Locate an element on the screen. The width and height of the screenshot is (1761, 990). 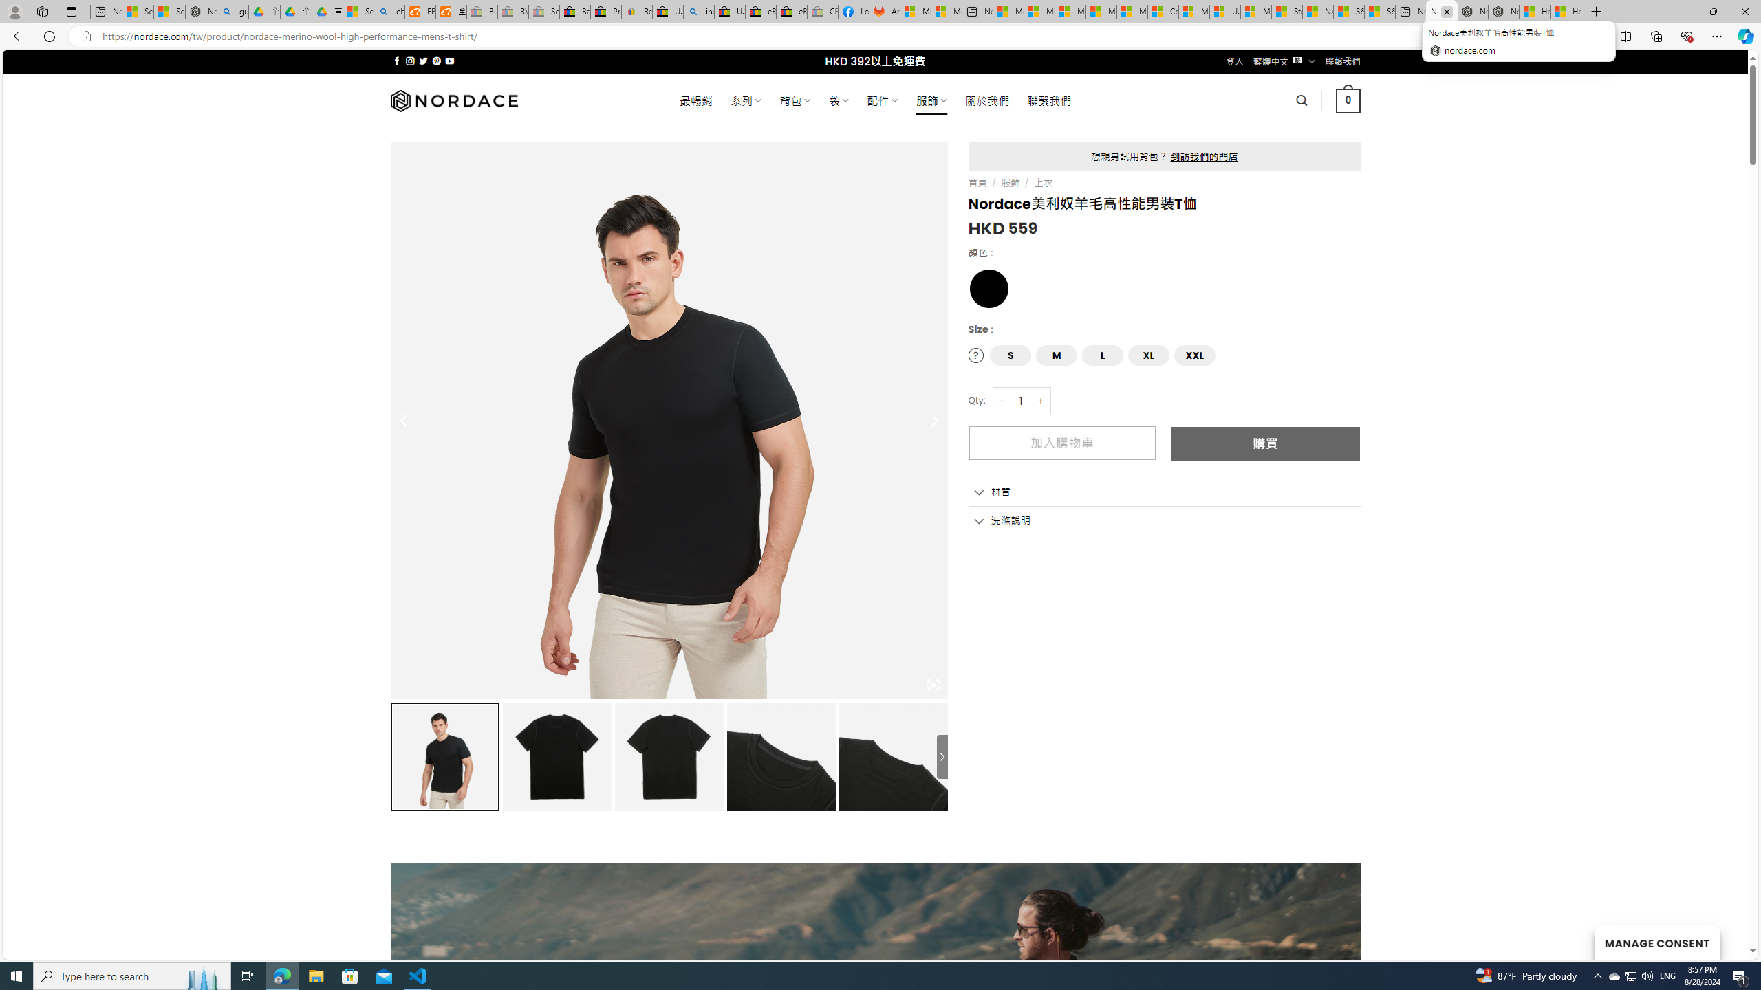
'  0  ' is located at coordinates (1348, 100).